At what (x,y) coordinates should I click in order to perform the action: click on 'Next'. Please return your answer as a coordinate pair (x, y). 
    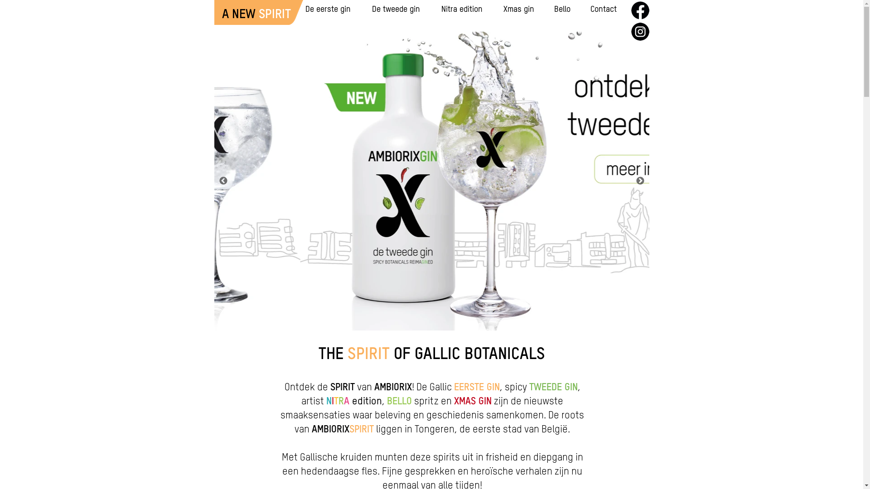
    Looking at the image, I should click on (639, 181).